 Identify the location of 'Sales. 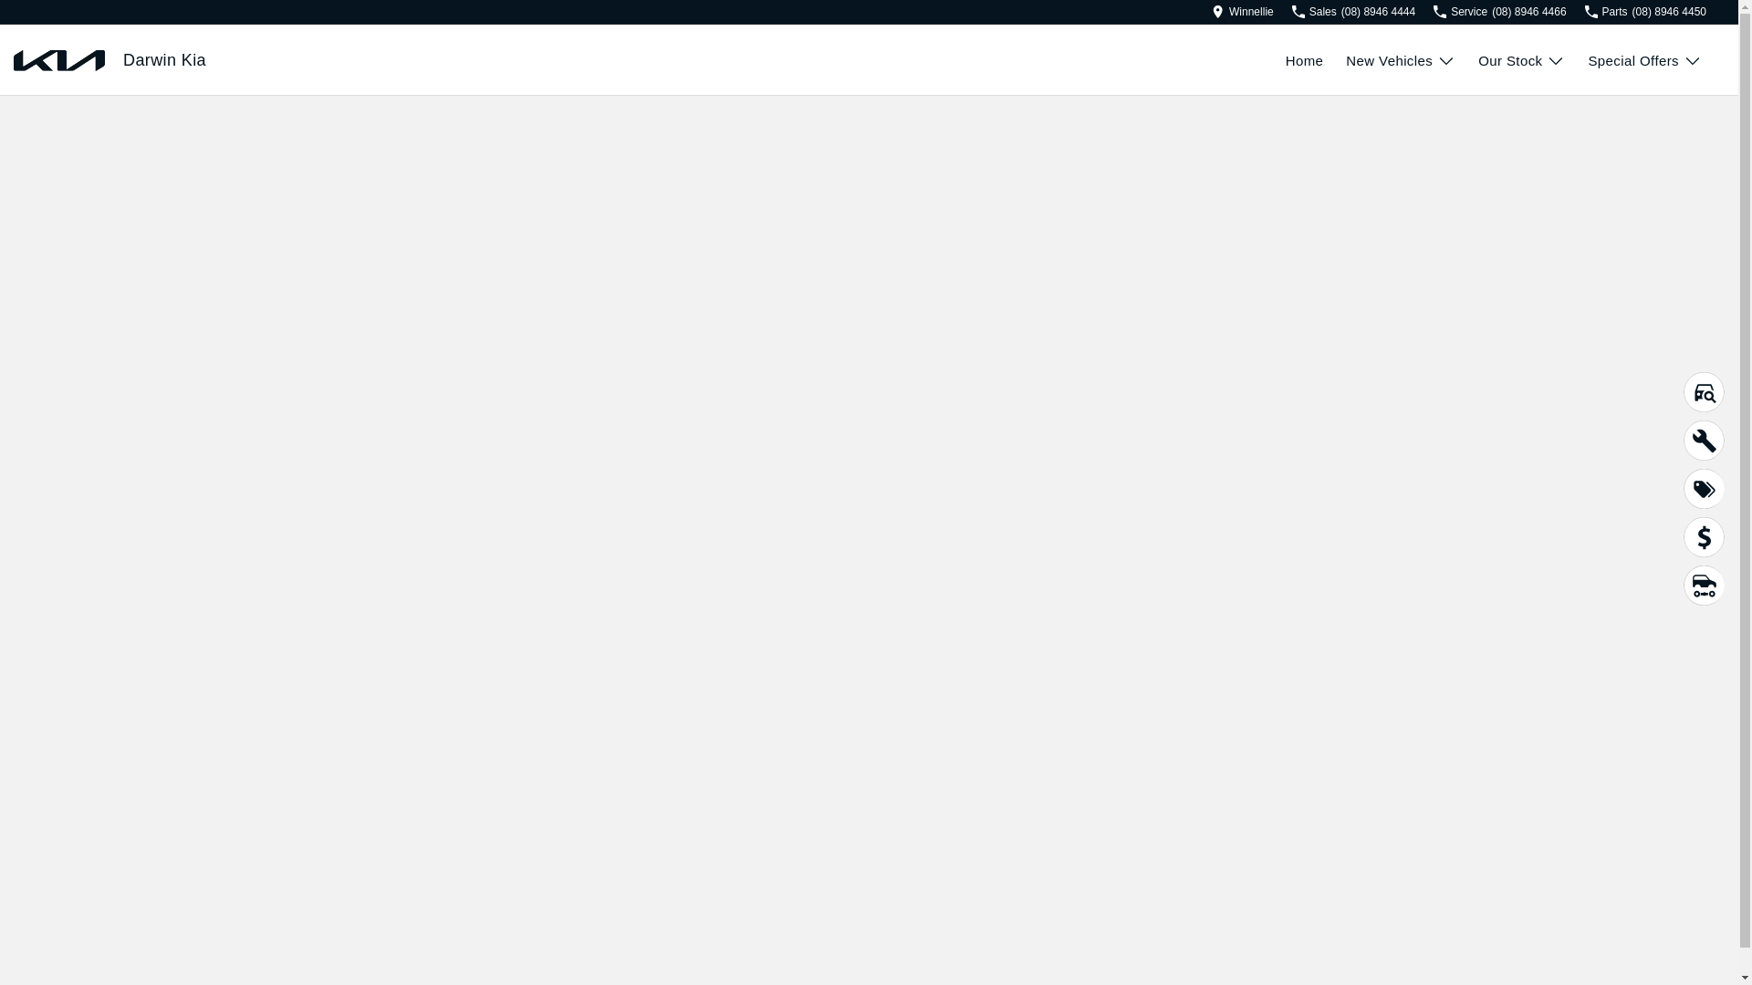
(1291, 11).